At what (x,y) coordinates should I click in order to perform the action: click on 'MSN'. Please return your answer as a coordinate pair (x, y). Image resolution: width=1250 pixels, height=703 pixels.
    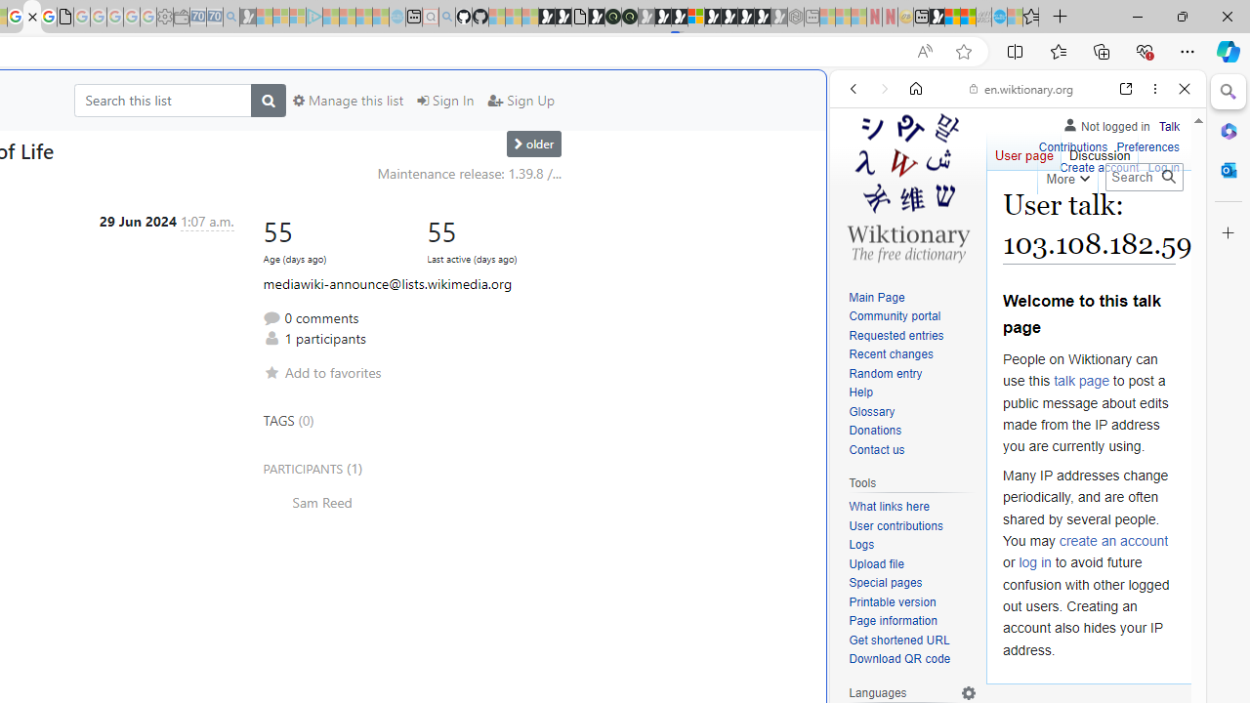
    Looking at the image, I should click on (936, 17).